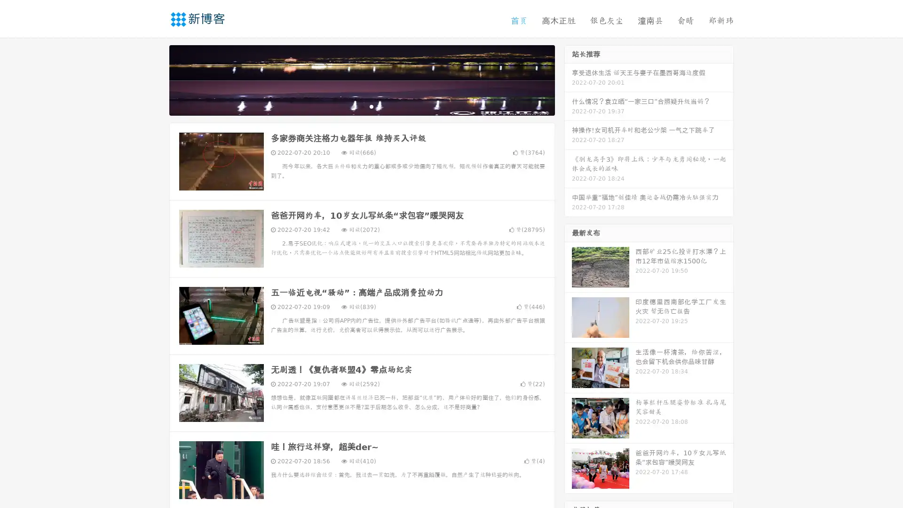 This screenshot has width=903, height=508. I want to click on Go to slide 1, so click(352, 106).